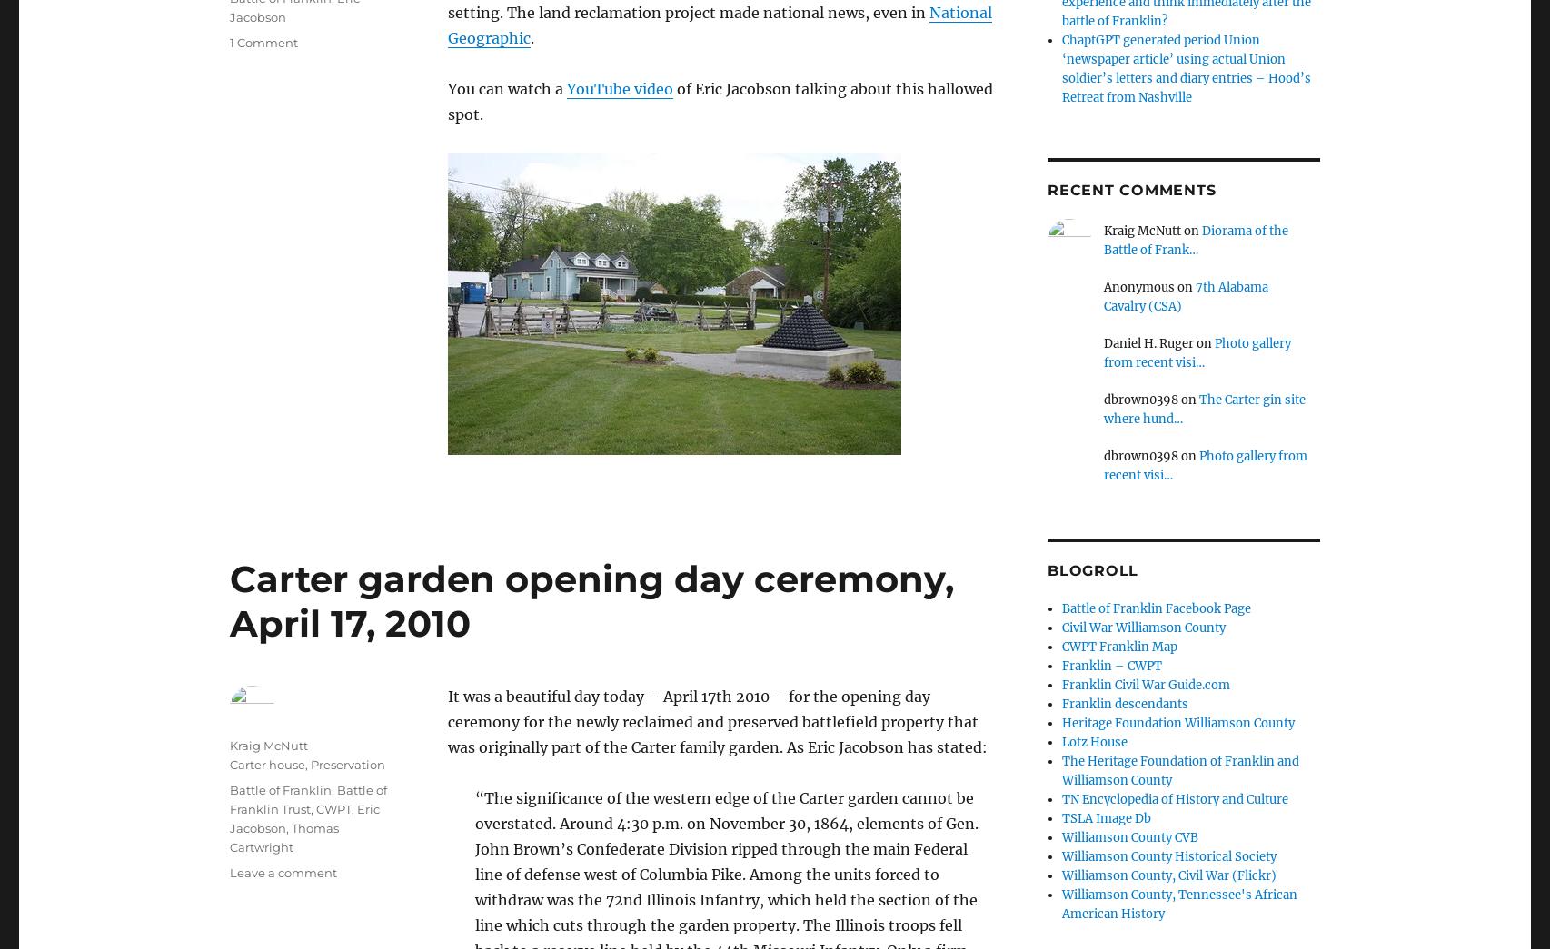 This screenshot has width=1550, height=949. What do you see at coordinates (1152, 230) in the screenshot?
I see `'Kraig McNutt on'` at bounding box center [1152, 230].